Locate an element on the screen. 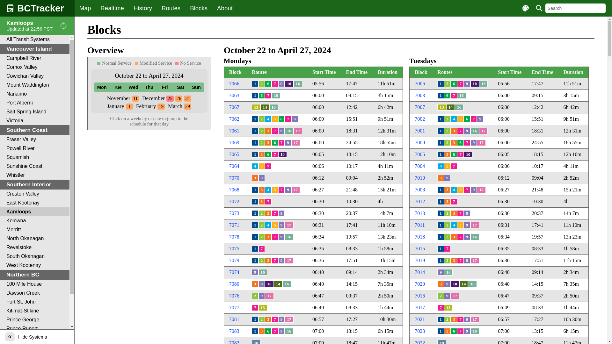 This screenshot has height=344, width=612. '10' is located at coordinates (455, 283).